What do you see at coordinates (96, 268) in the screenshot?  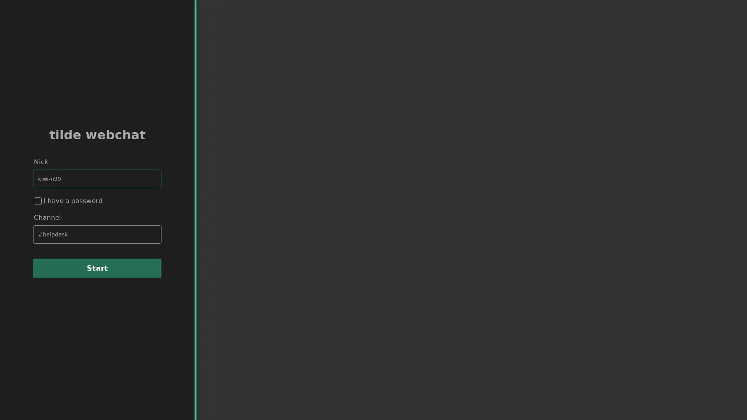 I see `Start` at bounding box center [96, 268].